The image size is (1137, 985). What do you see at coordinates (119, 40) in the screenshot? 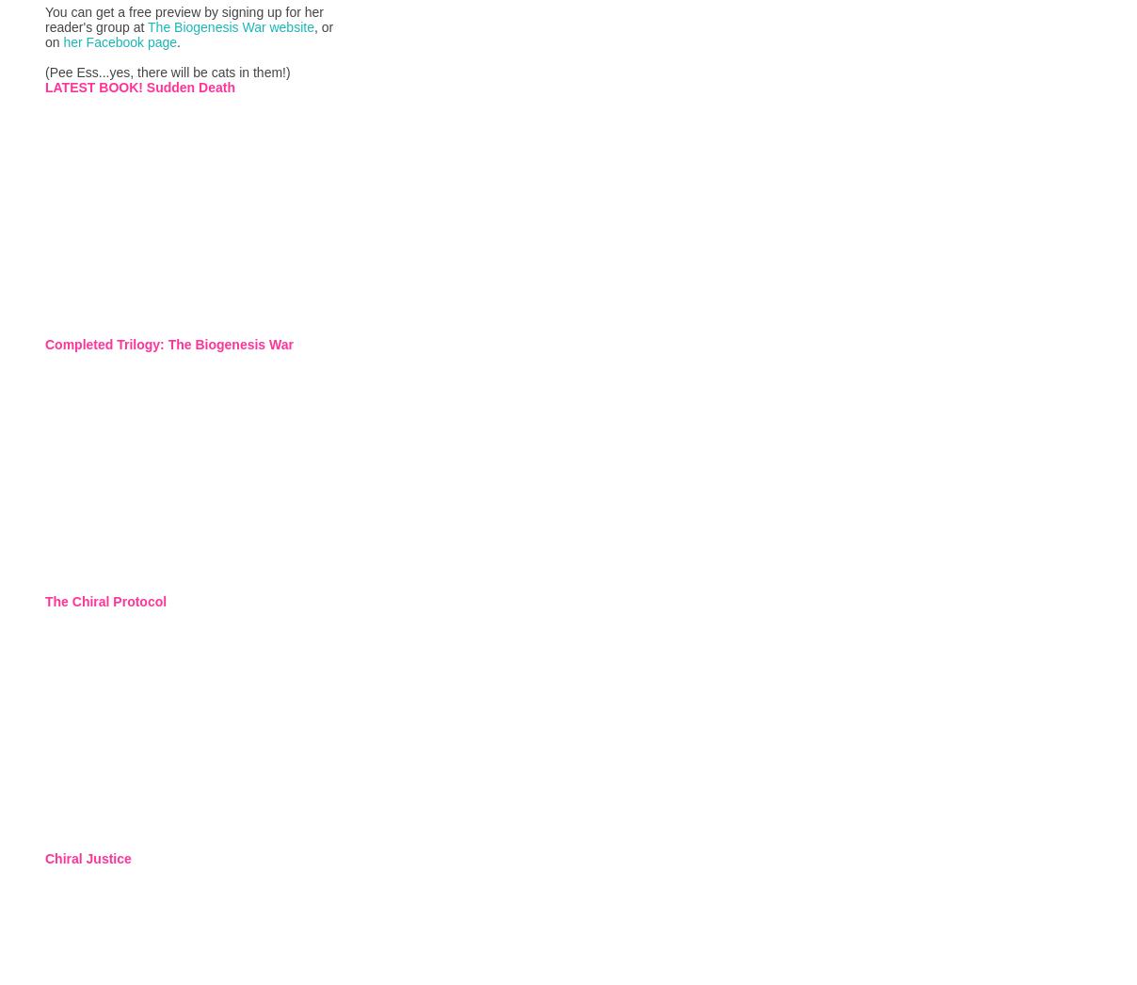
I see `'her Facebook page'` at bounding box center [119, 40].